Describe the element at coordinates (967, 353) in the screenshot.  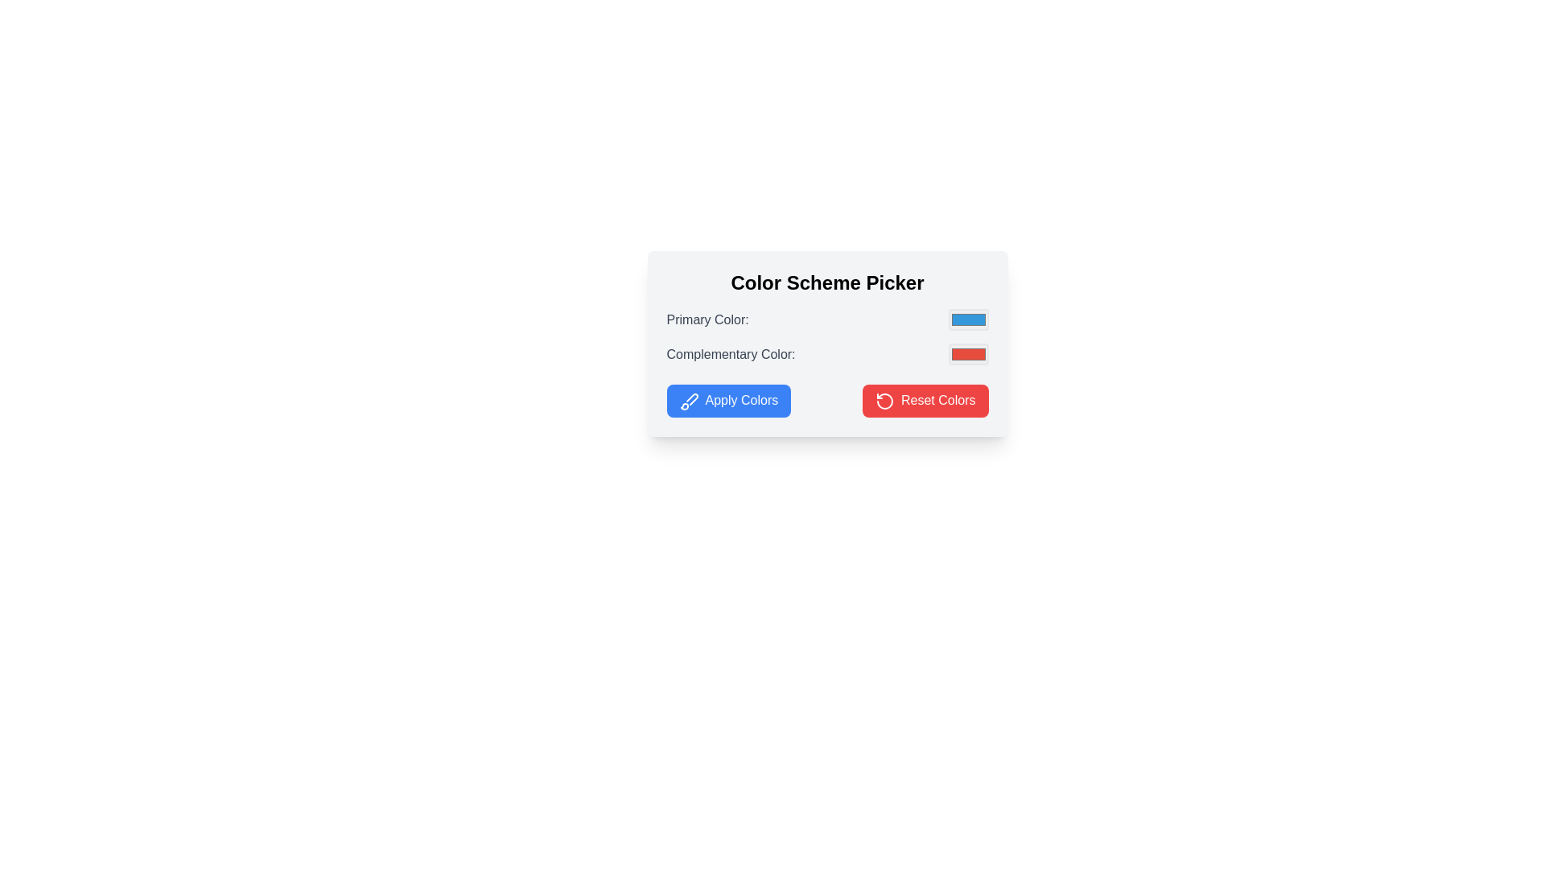
I see `the Color picker input box located in the lower-right section of the 'Color Scheme Picker' card` at that location.